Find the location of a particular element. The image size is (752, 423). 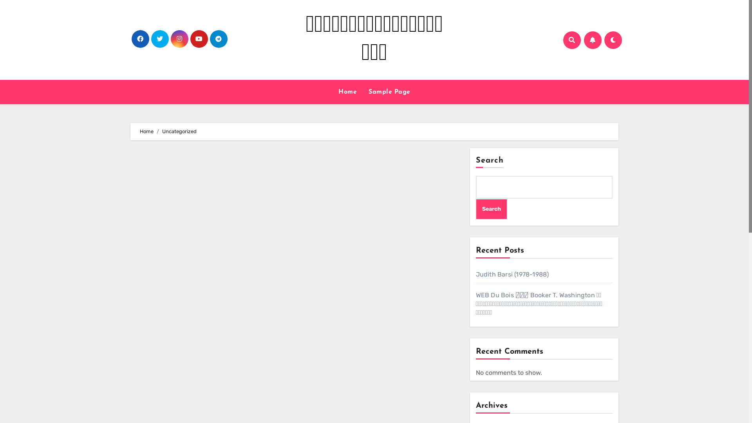

'Search' is located at coordinates (475, 208).